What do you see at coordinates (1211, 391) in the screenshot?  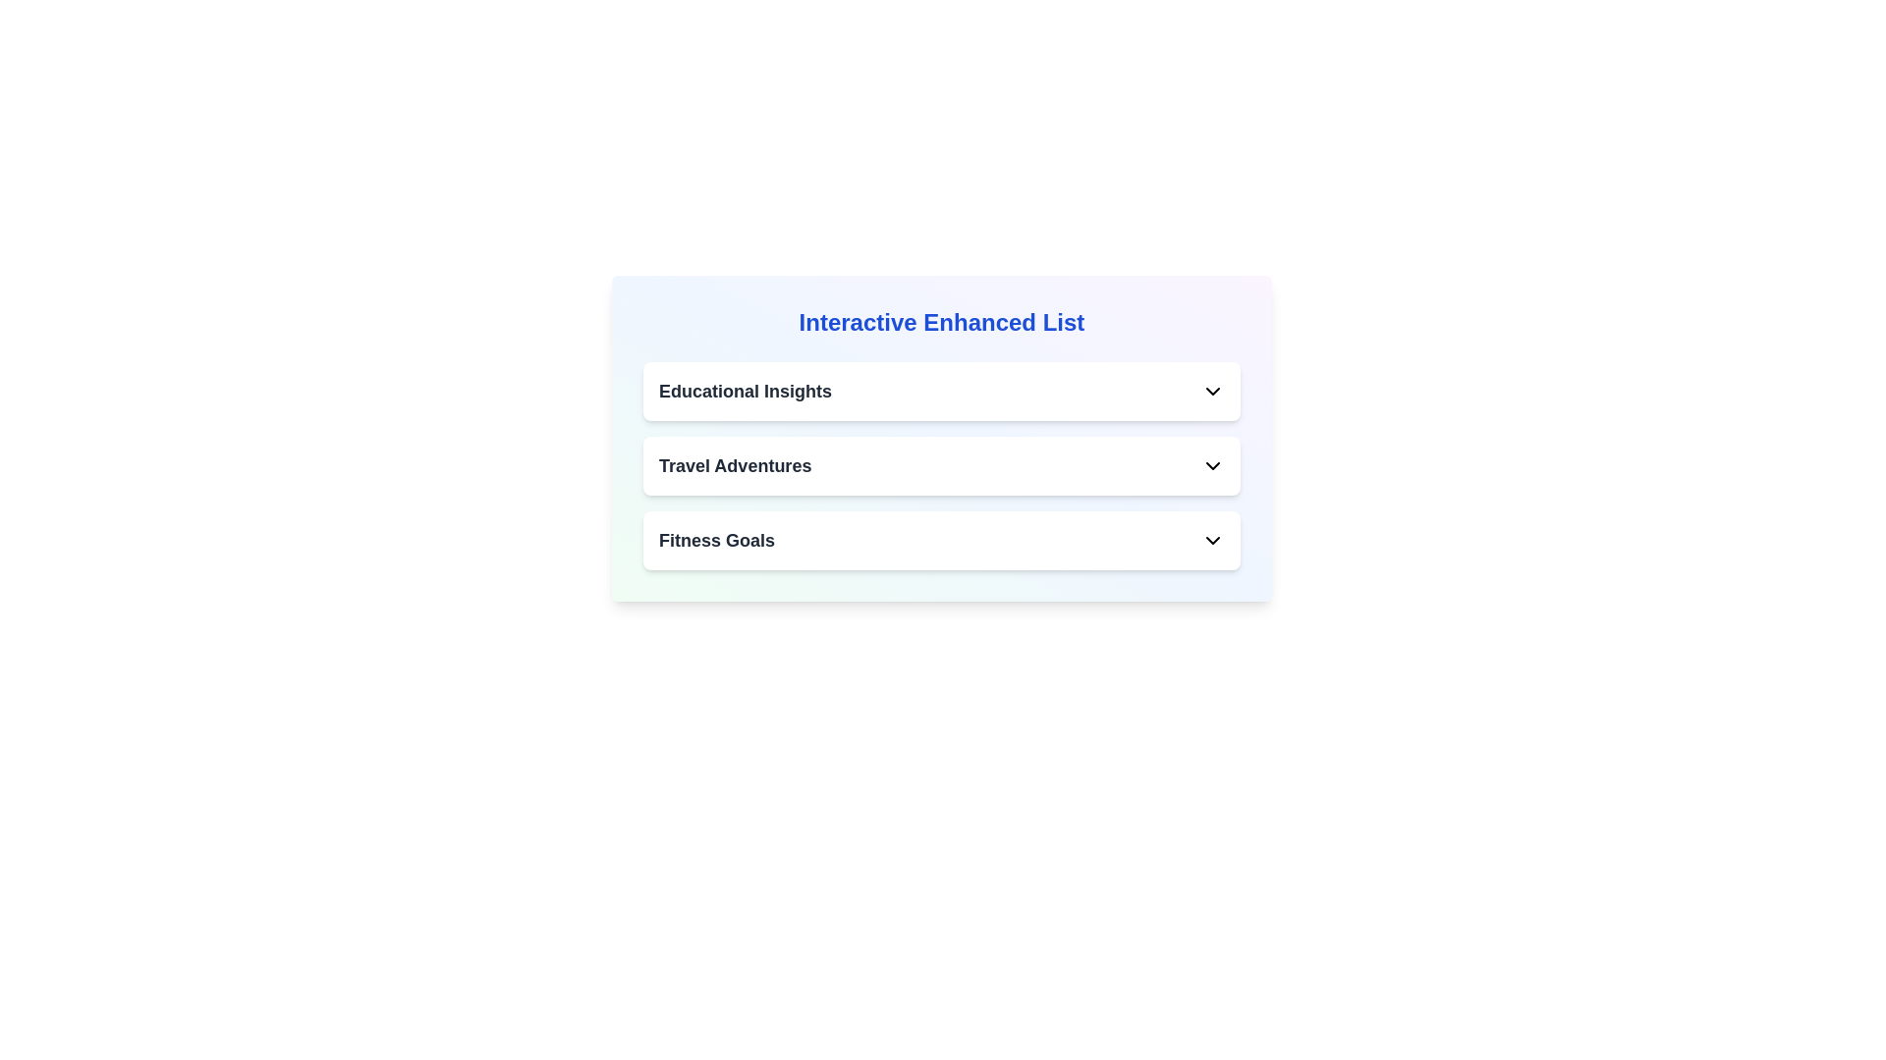 I see `the toggle button of the list item titled Educational Insights to expand it` at bounding box center [1211, 391].